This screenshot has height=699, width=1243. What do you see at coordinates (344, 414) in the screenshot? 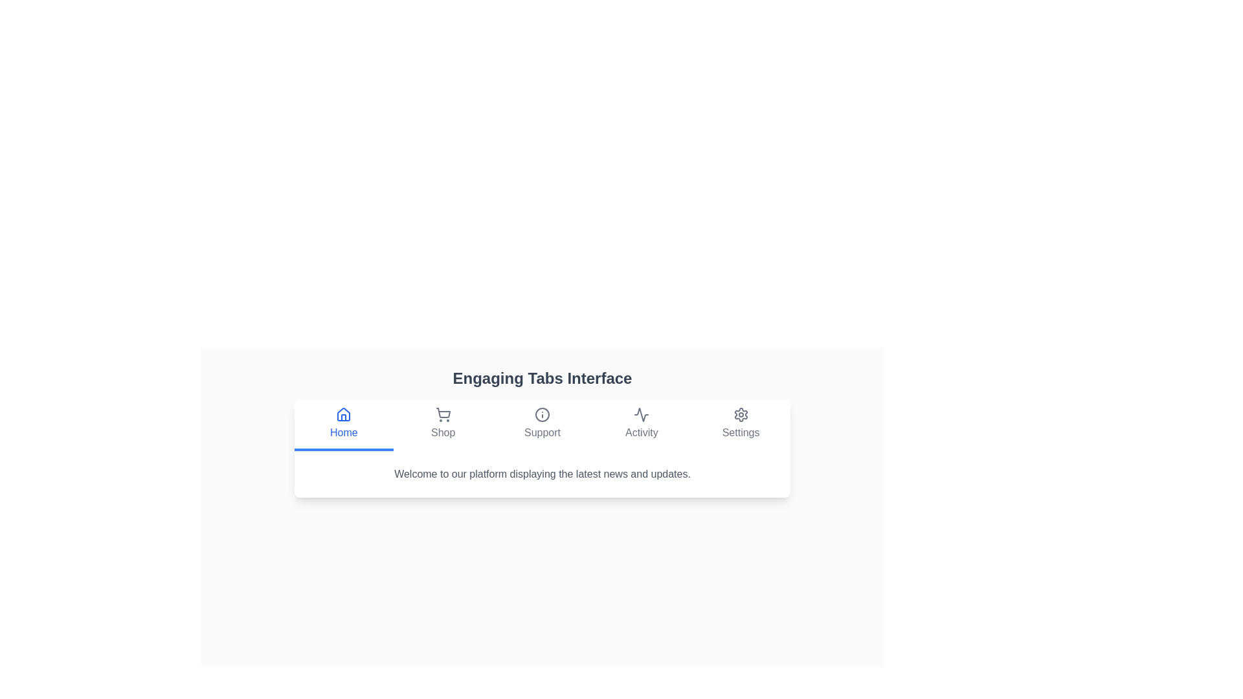
I see `the 'Home' icon located at the top-left corner of the navigation bar, which symbolizes the main dashboard of the interface` at bounding box center [344, 414].